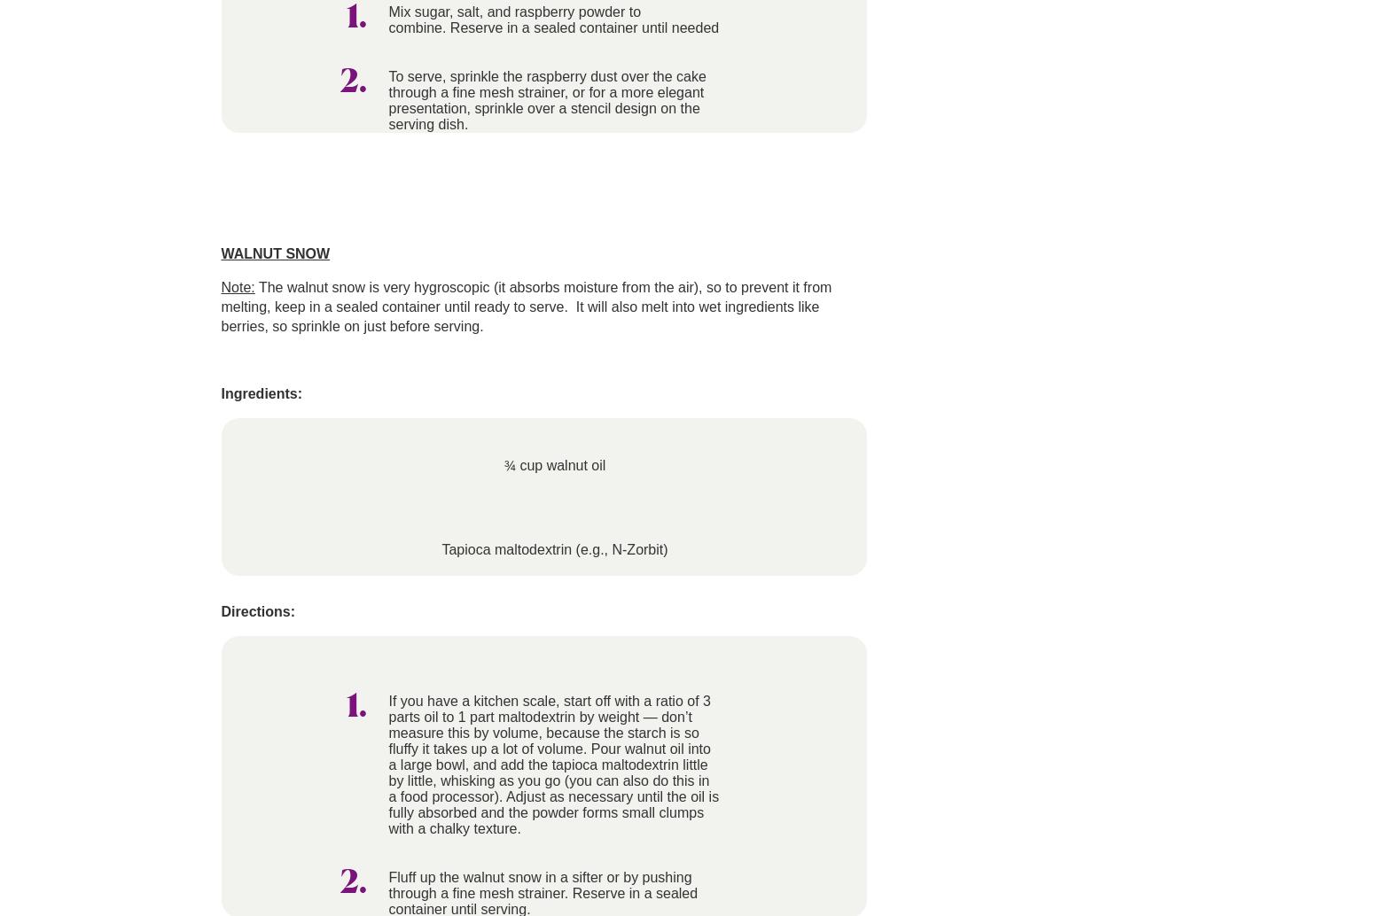  Describe the element at coordinates (237, 286) in the screenshot. I see `'Note:'` at that location.